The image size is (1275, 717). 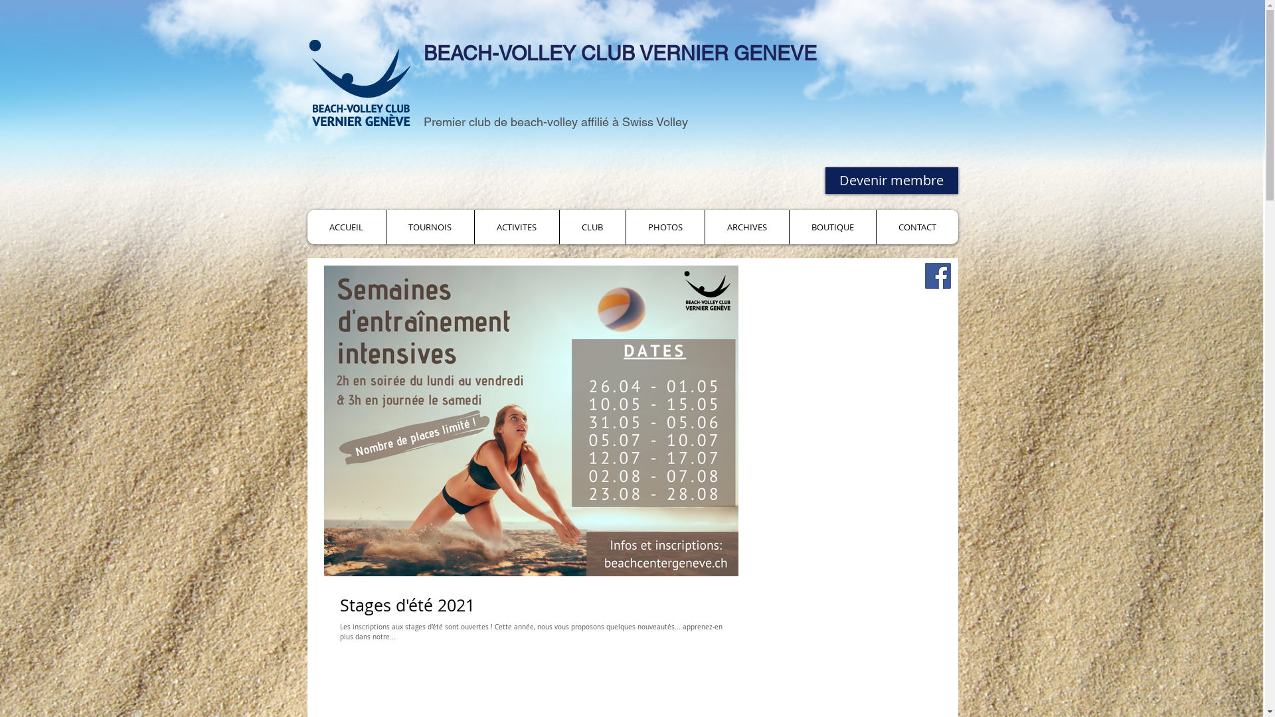 What do you see at coordinates (891, 181) in the screenshot?
I see `'Devenir membre'` at bounding box center [891, 181].